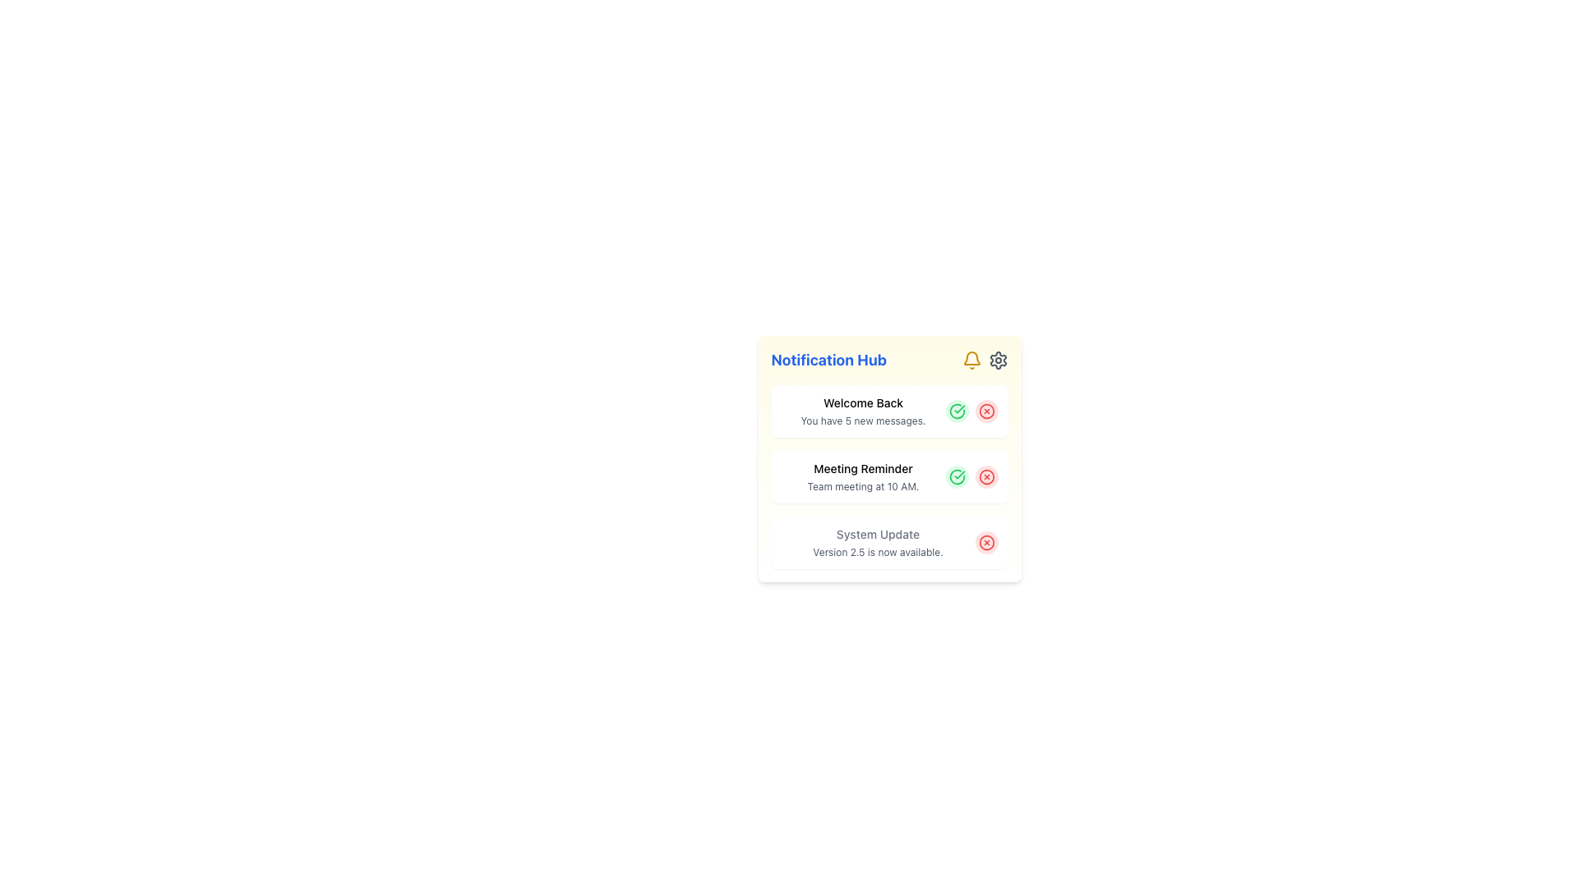  Describe the element at coordinates (985, 360) in the screenshot. I see `the icon group on the right side of the 'Notification Hub'` at that location.